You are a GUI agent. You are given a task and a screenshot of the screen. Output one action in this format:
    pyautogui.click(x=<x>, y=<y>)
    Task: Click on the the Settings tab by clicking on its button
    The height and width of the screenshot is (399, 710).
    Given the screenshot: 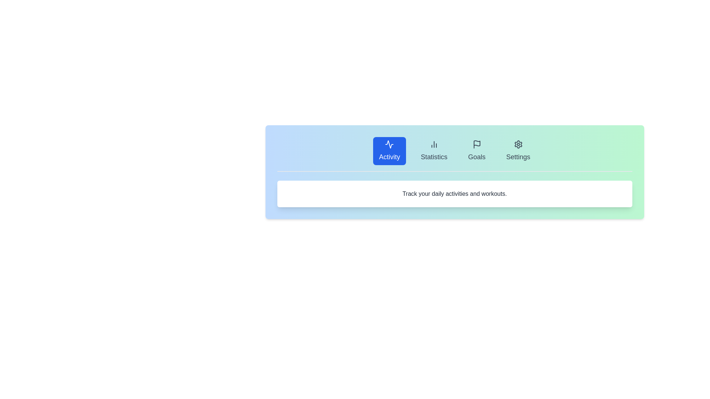 What is the action you would take?
    pyautogui.click(x=518, y=150)
    